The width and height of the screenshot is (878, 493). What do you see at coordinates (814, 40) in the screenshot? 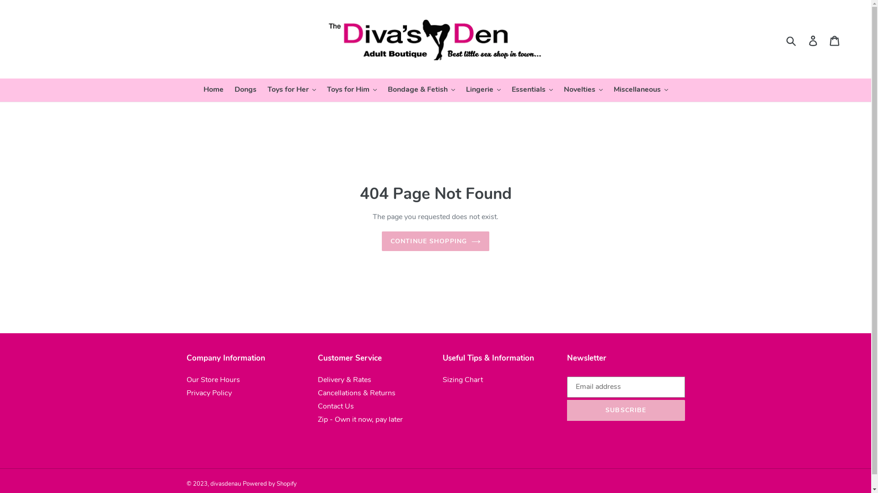
I see `'Log in'` at bounding box center [814, 40].